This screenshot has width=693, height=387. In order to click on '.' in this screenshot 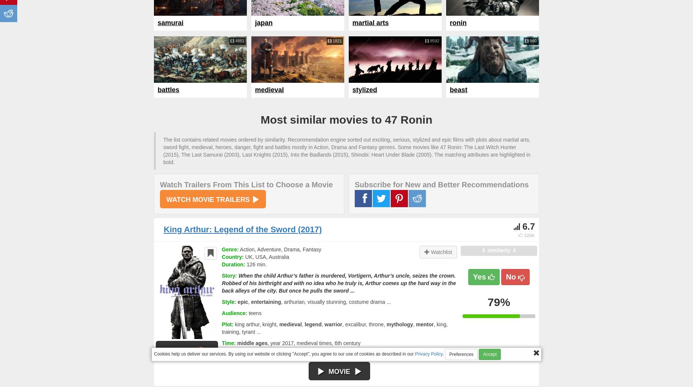, I will do `click(443, 353)`.